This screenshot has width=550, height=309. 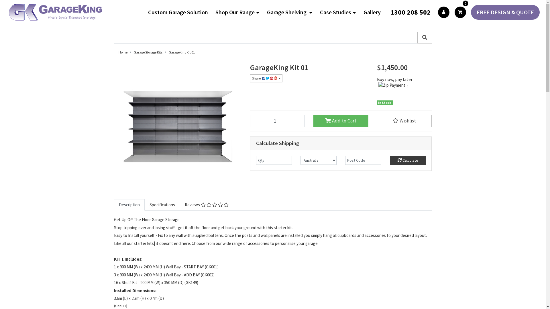 What do you see at coordinates (215, 12) in the screenshot?
I see `'Shop Our Range'` at bounding box center [215, 12].